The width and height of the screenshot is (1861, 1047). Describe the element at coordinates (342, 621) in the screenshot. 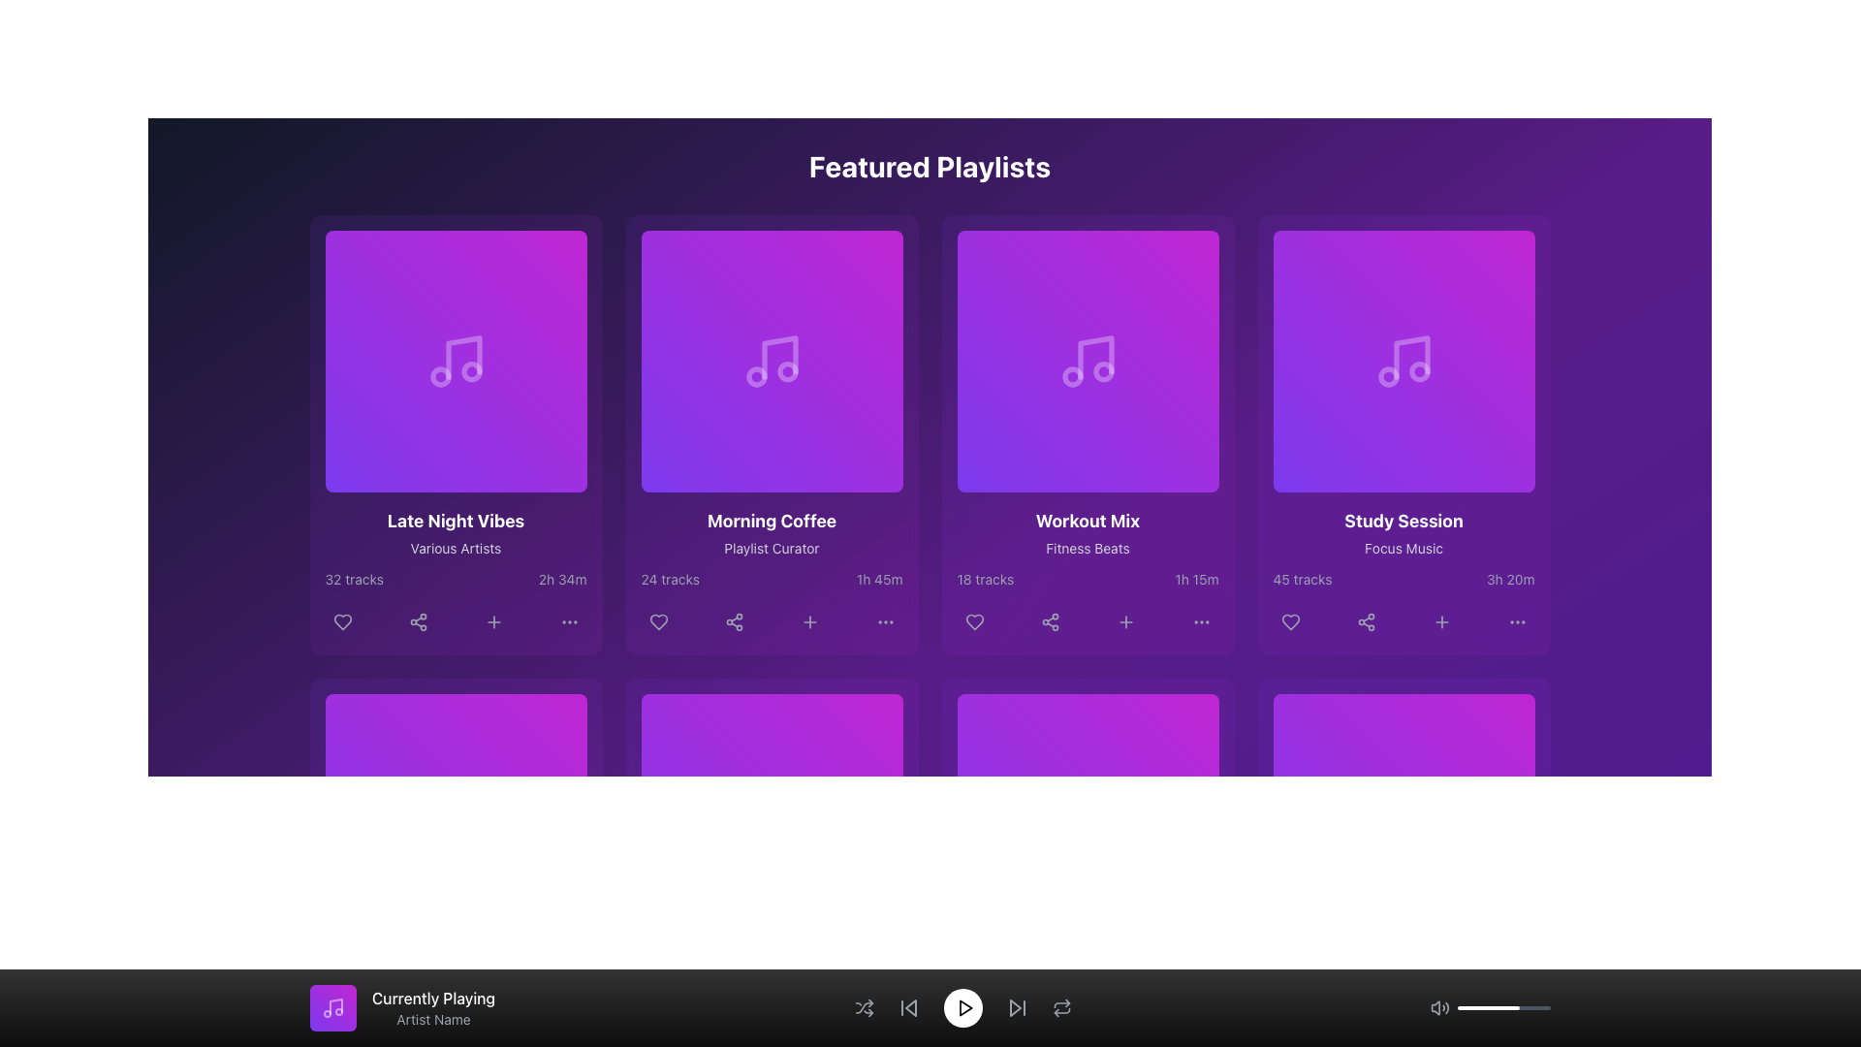

I see `the heart icon button located at the bottom-left corner of the 'Late Night Vibes' playlist card to favorite or unfavorite the playlist` at that location.